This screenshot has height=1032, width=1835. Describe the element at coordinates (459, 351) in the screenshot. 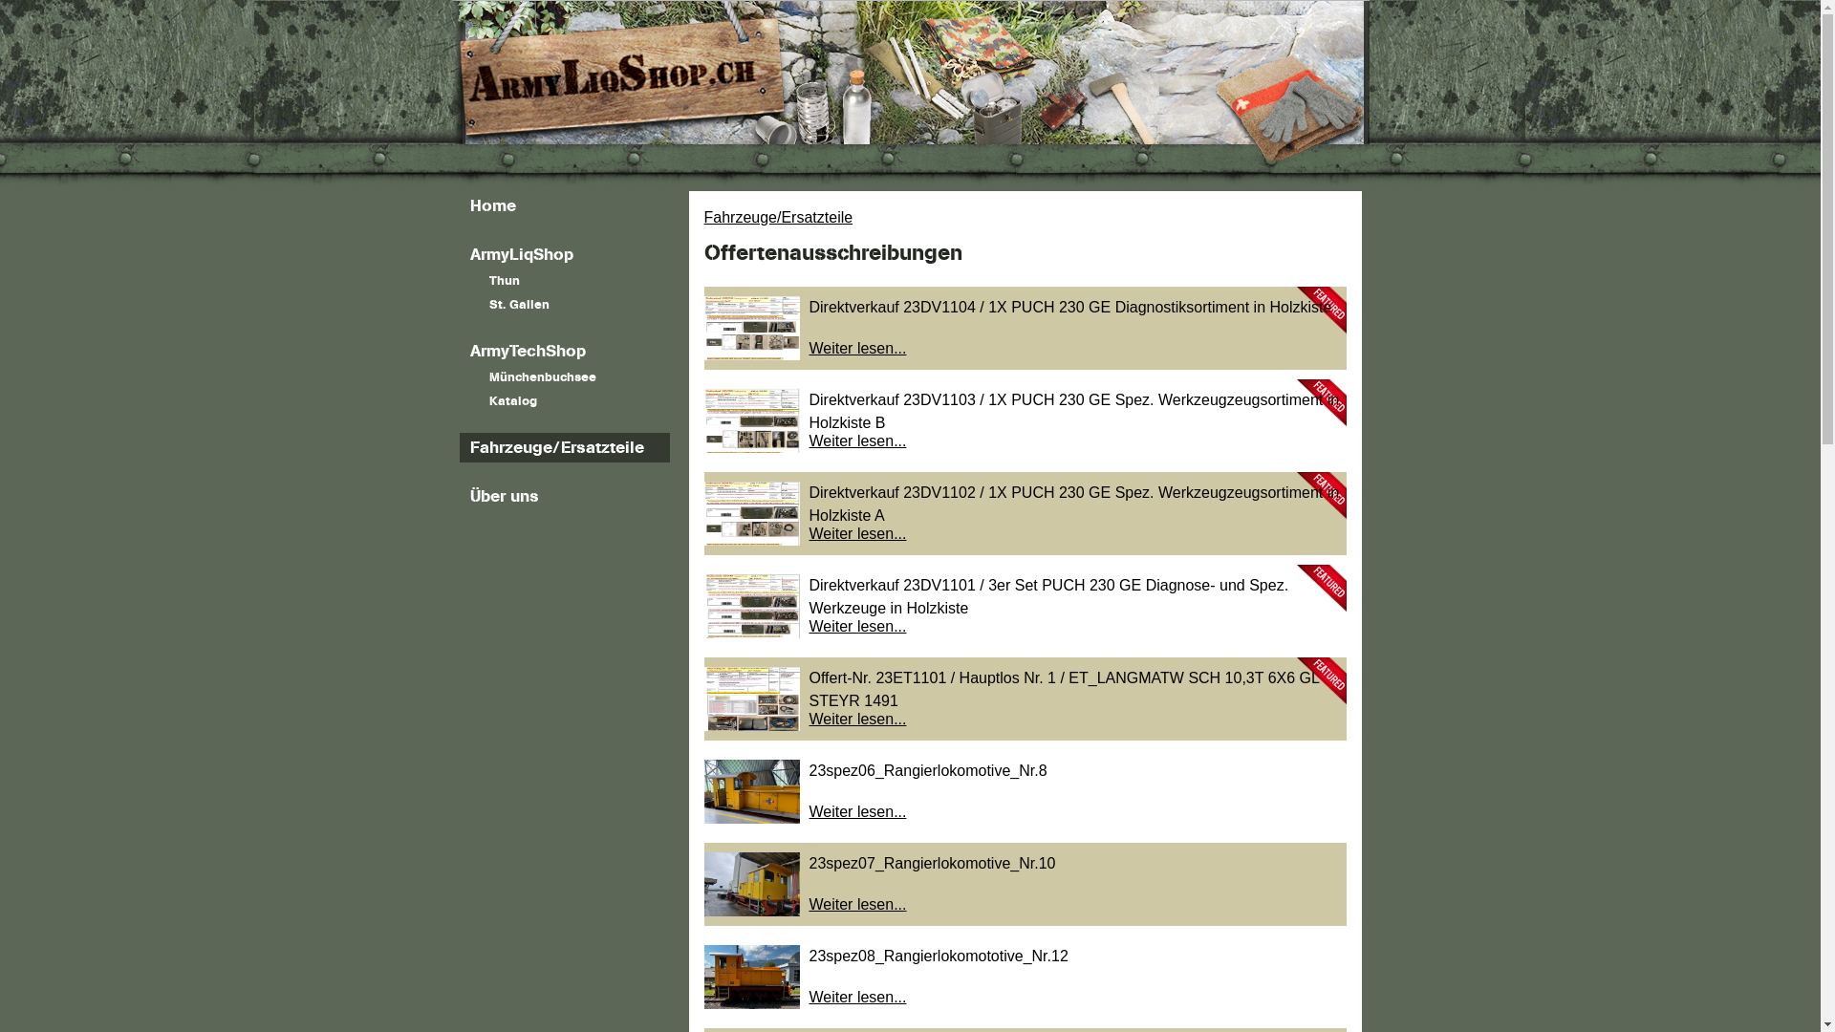

I see `'ArmyTechShop'` at that location.